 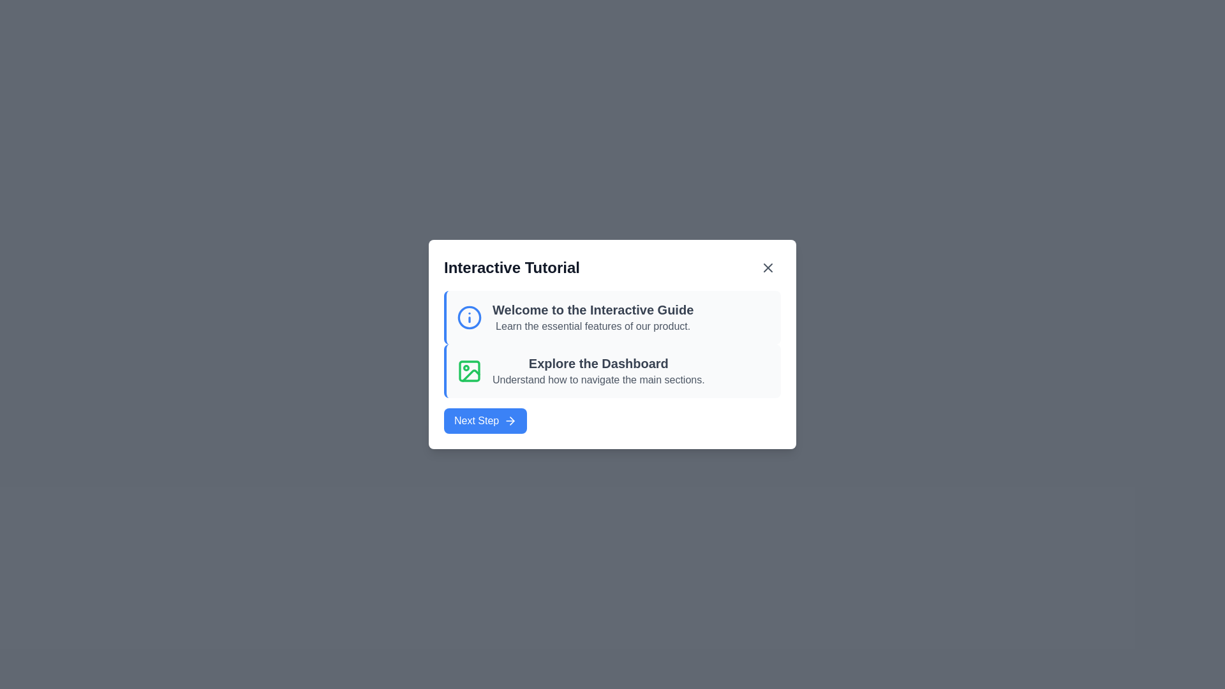 What do you see at coordinates (612, 316) in the screenshot?
I see `the Information Card located in the upper-center part of the dialog modal window, positioned above the 'Next Step' button` at bounding box center [612, 316].